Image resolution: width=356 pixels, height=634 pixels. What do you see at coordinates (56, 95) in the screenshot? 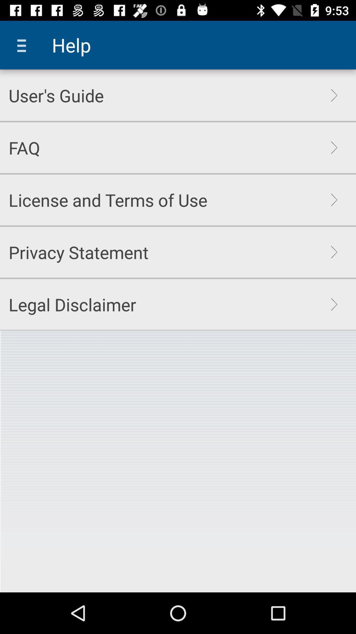
I see `the icon above the faq` at bounding box center [56, 95].